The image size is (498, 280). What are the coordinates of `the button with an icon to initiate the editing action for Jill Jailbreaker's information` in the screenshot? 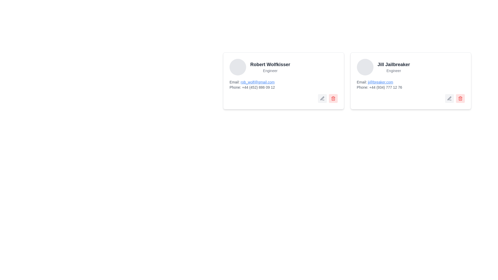 It's located at (449, 99).